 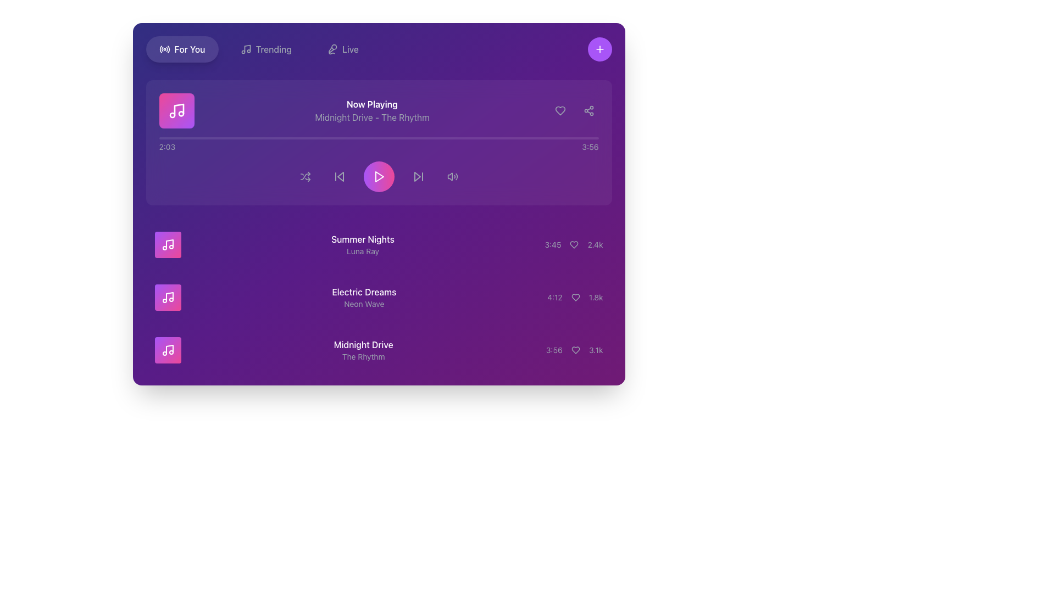 What do you see at coordinates (167, 244) in the screenshot?
I see `the visual icon representing the music track 'Summer Nights'` at bounding box center [167, 244].